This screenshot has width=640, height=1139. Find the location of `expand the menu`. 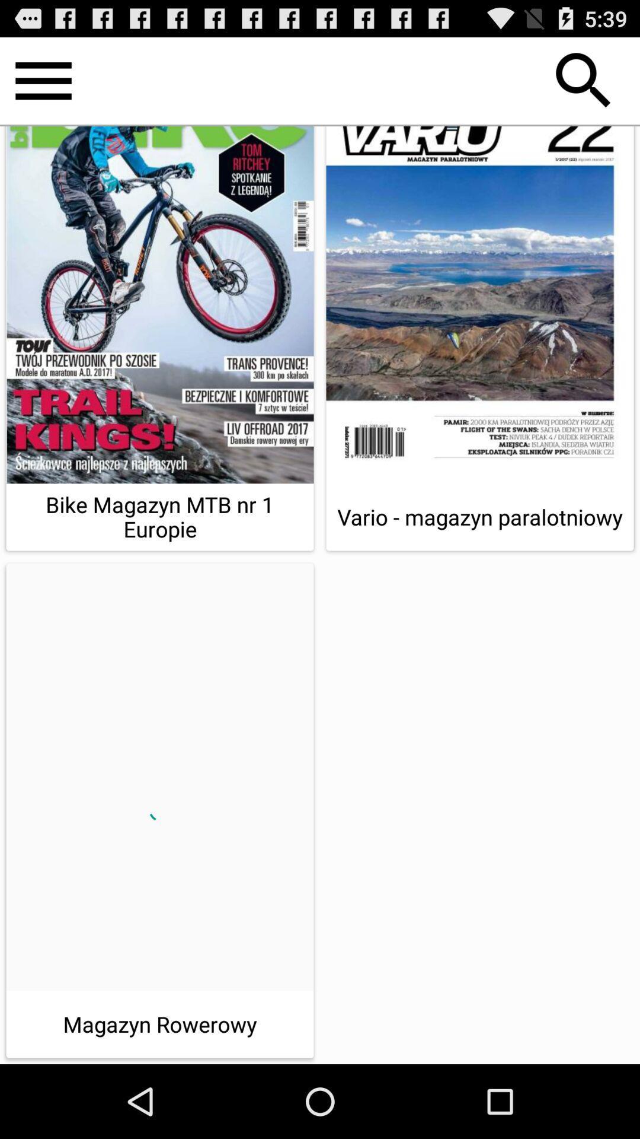

expand the menu is located at coordinates (43, 80).